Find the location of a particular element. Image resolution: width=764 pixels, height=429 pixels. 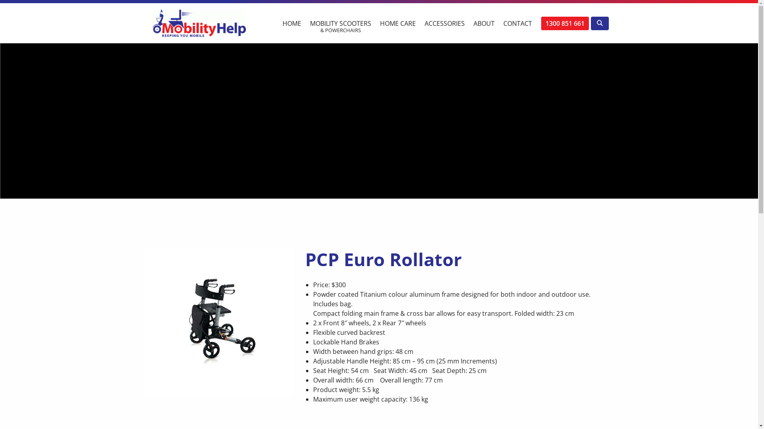

'ACCESSORIES' is located at coordinates (444, 19).